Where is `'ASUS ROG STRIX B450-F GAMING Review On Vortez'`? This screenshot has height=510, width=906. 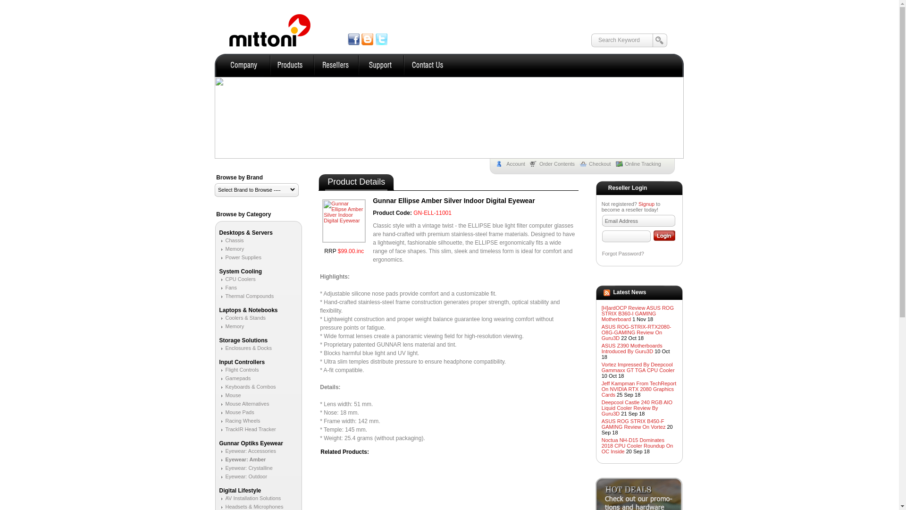 'ASUS ROG STRIX B450-F GAMING Review On Vortez' is located at coordinates (634, 424).